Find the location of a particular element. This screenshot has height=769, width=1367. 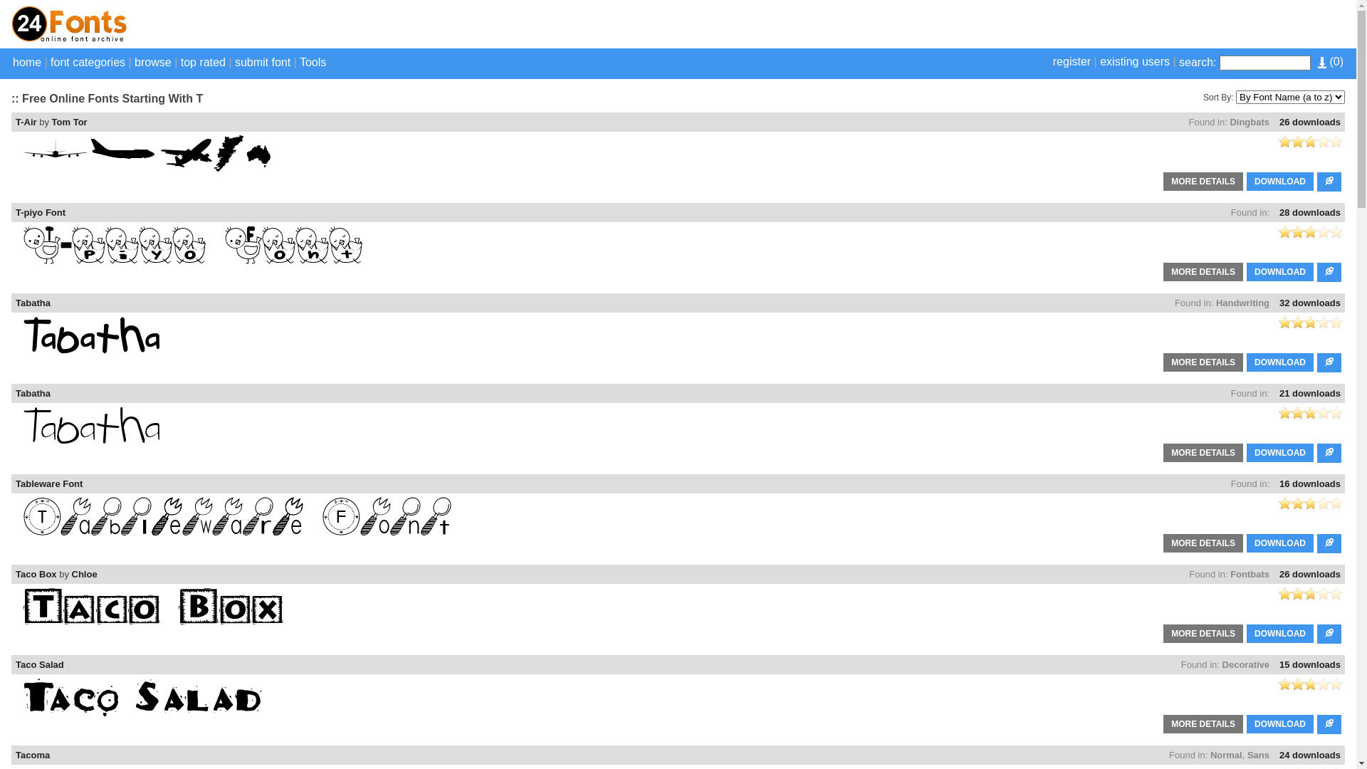

'existing users' is located at coordinates (1133, 61).